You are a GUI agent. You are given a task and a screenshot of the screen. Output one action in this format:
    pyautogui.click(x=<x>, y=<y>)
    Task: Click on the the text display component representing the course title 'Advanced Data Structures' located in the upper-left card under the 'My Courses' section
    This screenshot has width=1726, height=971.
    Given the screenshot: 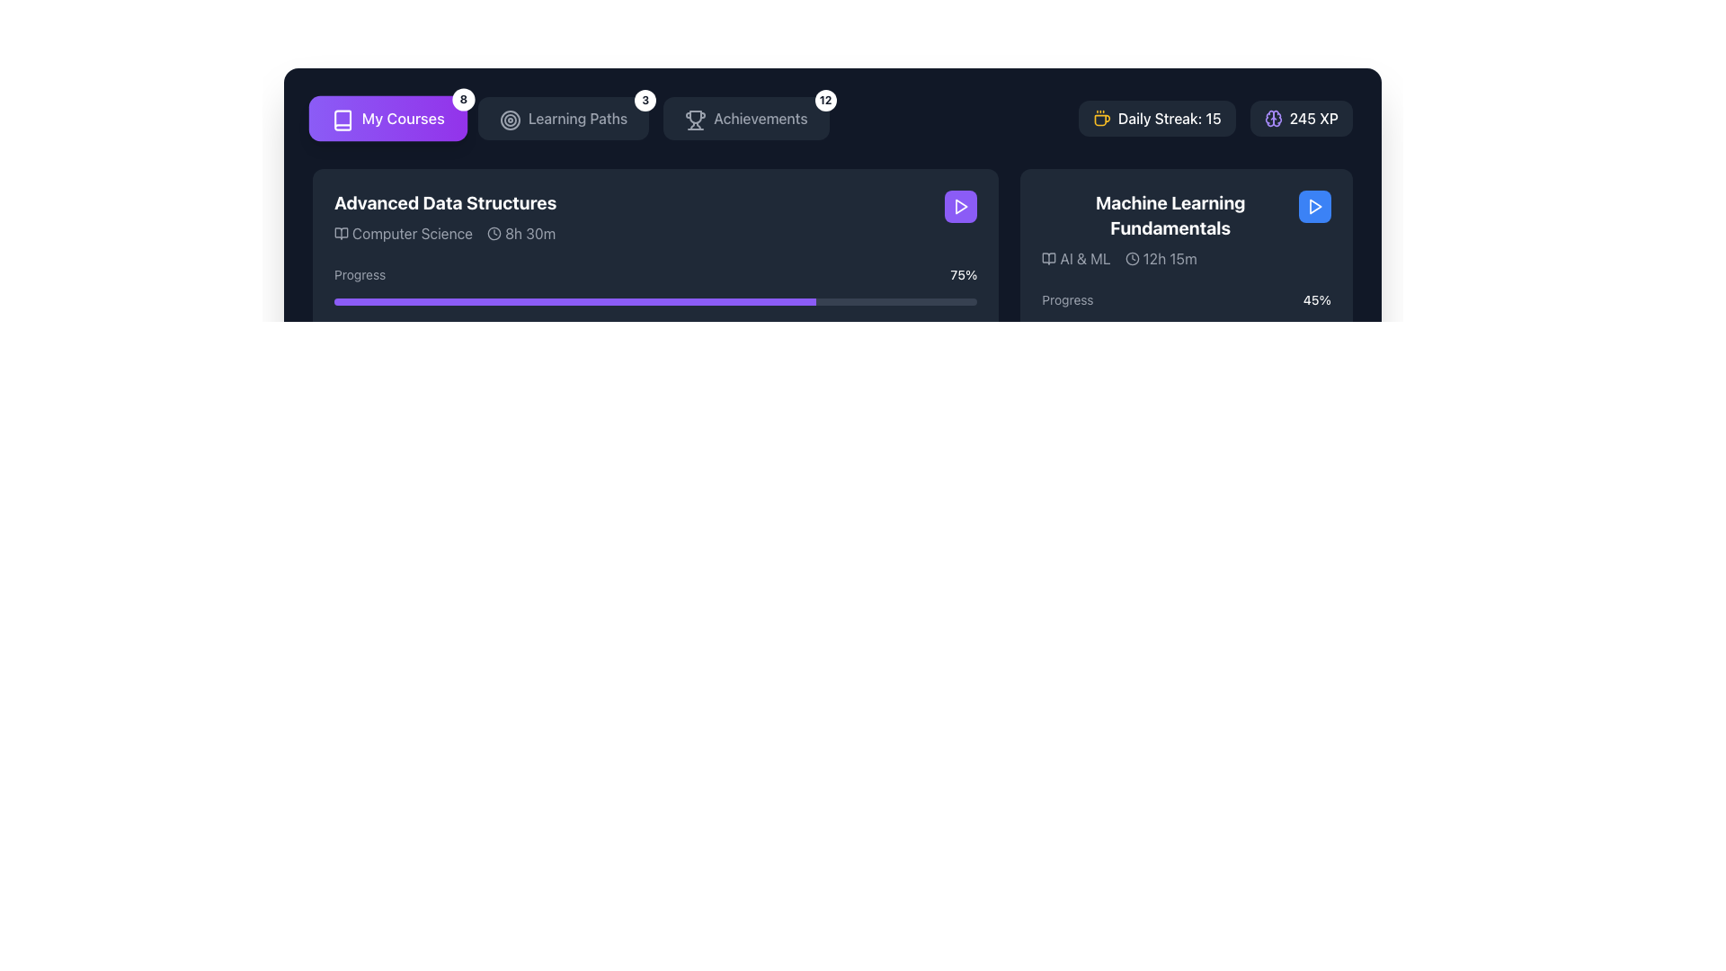 What is the action you would take?
    pyautogui.click(x=445, y=217)
    